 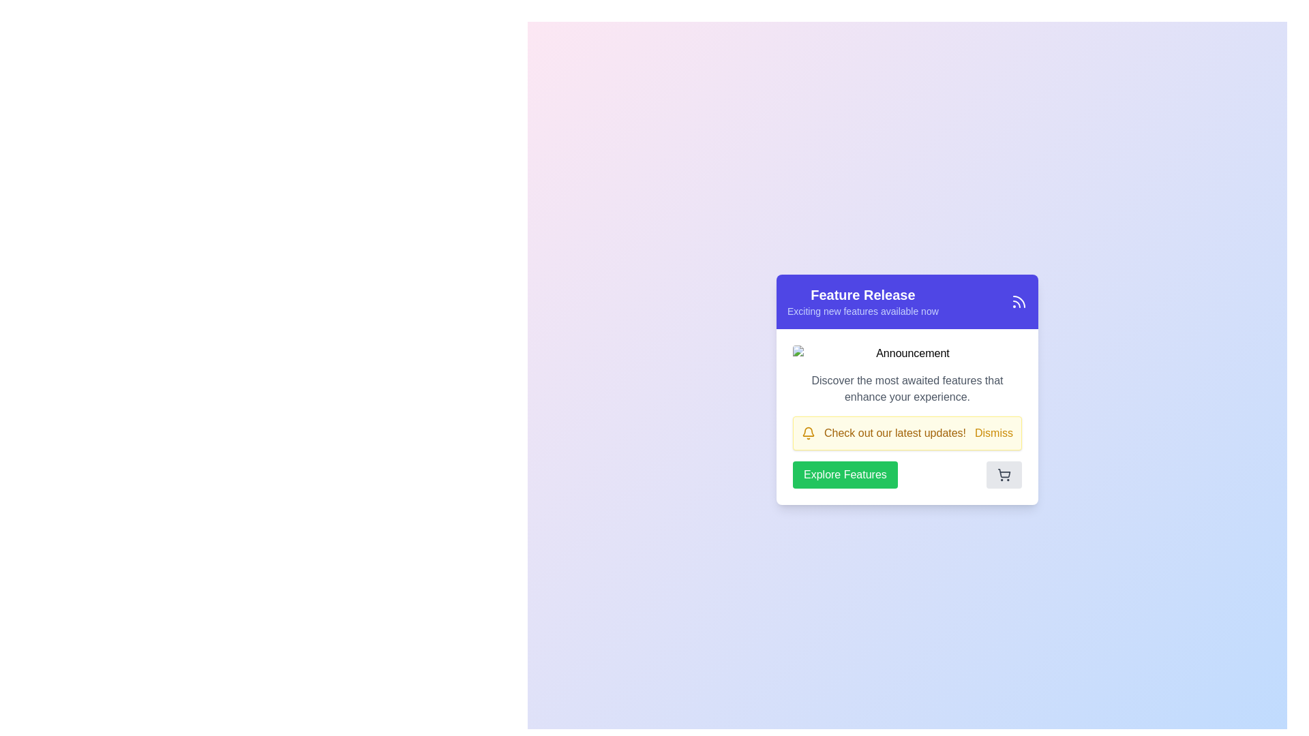 What do you see at coordinates (1004, 474) in the screenshot?
I see `the small shopping cart icon, which is a minimalistic outline style element located in a rounded rectangular button at the lower-right corner of the UI` at bounding box center [1004, 474].